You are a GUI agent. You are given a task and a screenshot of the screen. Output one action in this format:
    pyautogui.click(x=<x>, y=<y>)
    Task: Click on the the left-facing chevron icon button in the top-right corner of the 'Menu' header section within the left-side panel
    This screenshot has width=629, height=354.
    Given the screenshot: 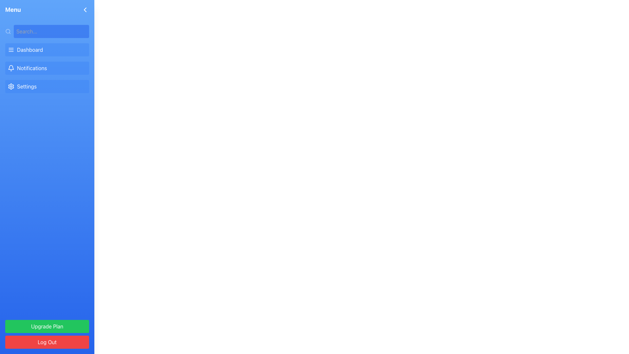 What is the action you would take?
    pyautogui.click(x=85, y=10)
    